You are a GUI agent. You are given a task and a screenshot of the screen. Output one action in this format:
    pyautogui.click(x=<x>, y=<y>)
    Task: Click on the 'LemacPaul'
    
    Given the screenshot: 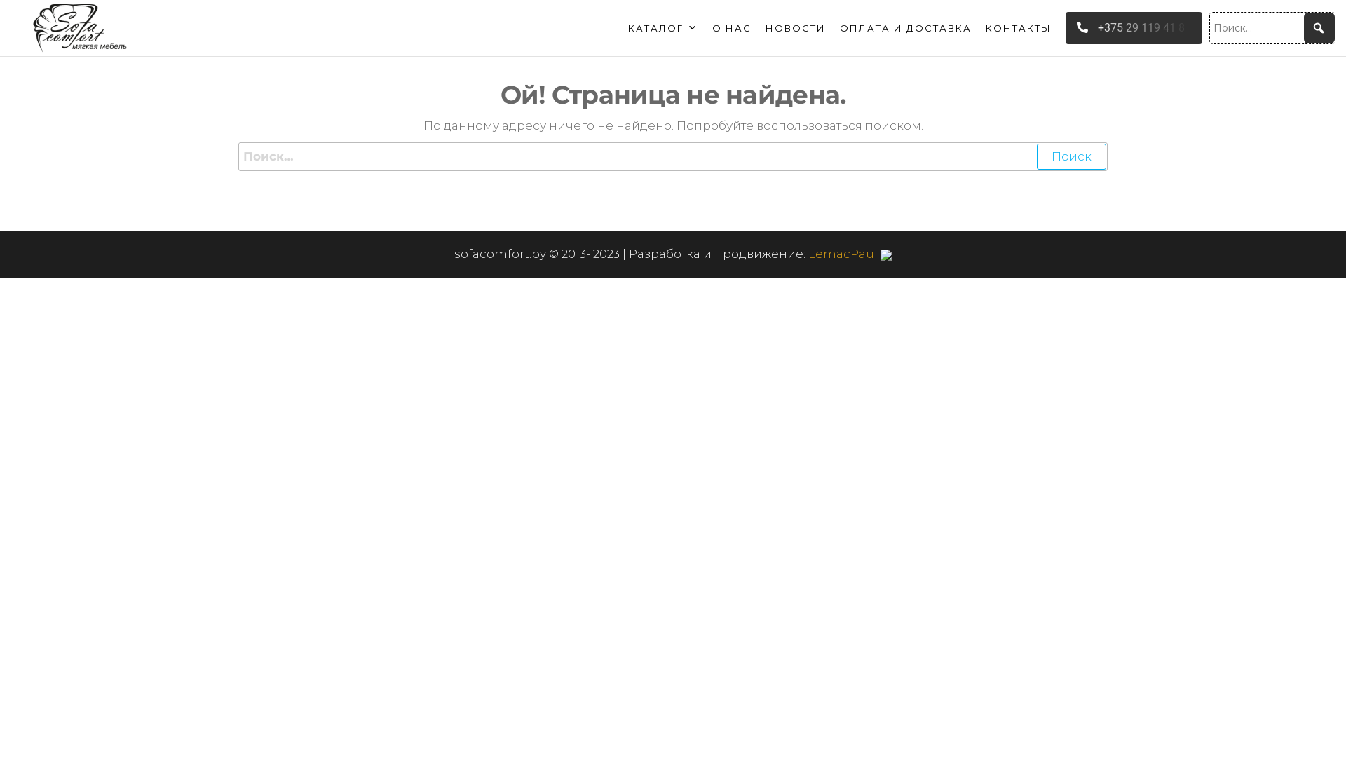 What is the action you would take?
    pyautogui.click(x=849, y=254)
    